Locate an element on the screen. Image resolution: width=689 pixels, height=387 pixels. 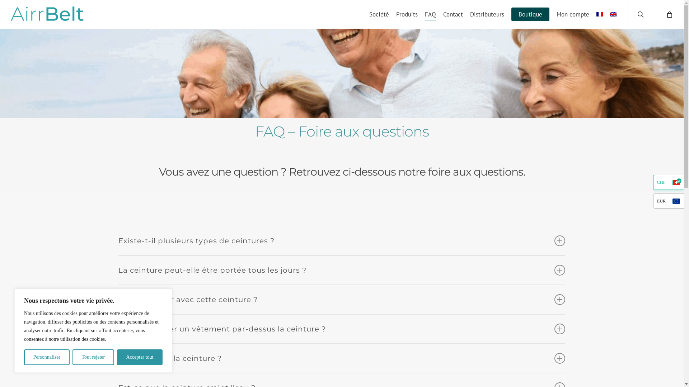
'Accepter tout' is located at coordinates (140, 357).